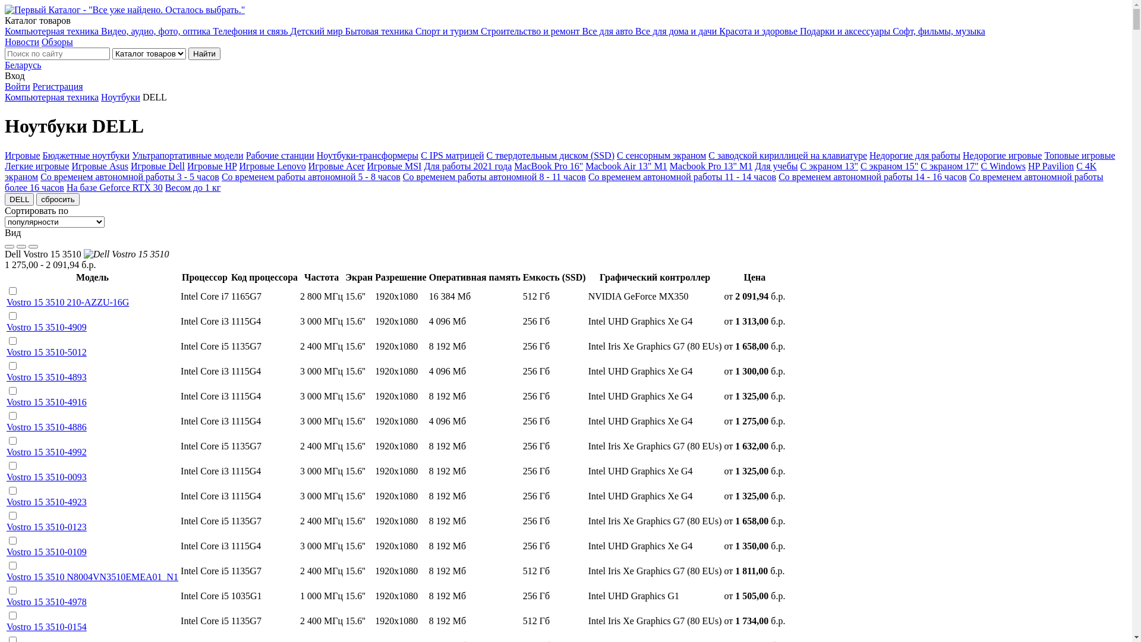 The height and width of the screenshot is (642, 1141). What do you see at coordinates (46, 526) in the screenshot?
I see `'Vostro 15 3510-0123'` at bounding box center [46, 526].